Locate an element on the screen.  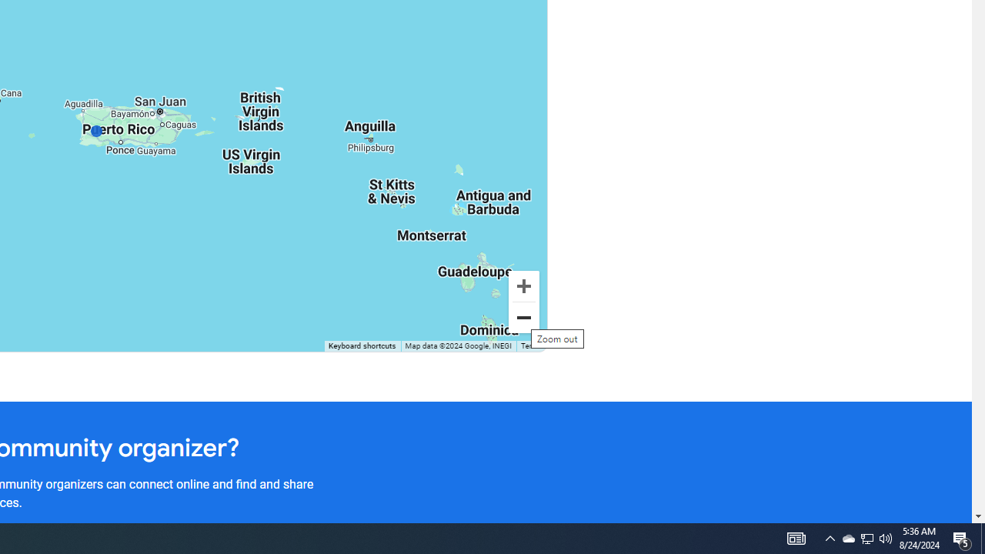
'Zoom in' is located at coordinates (523, 285).